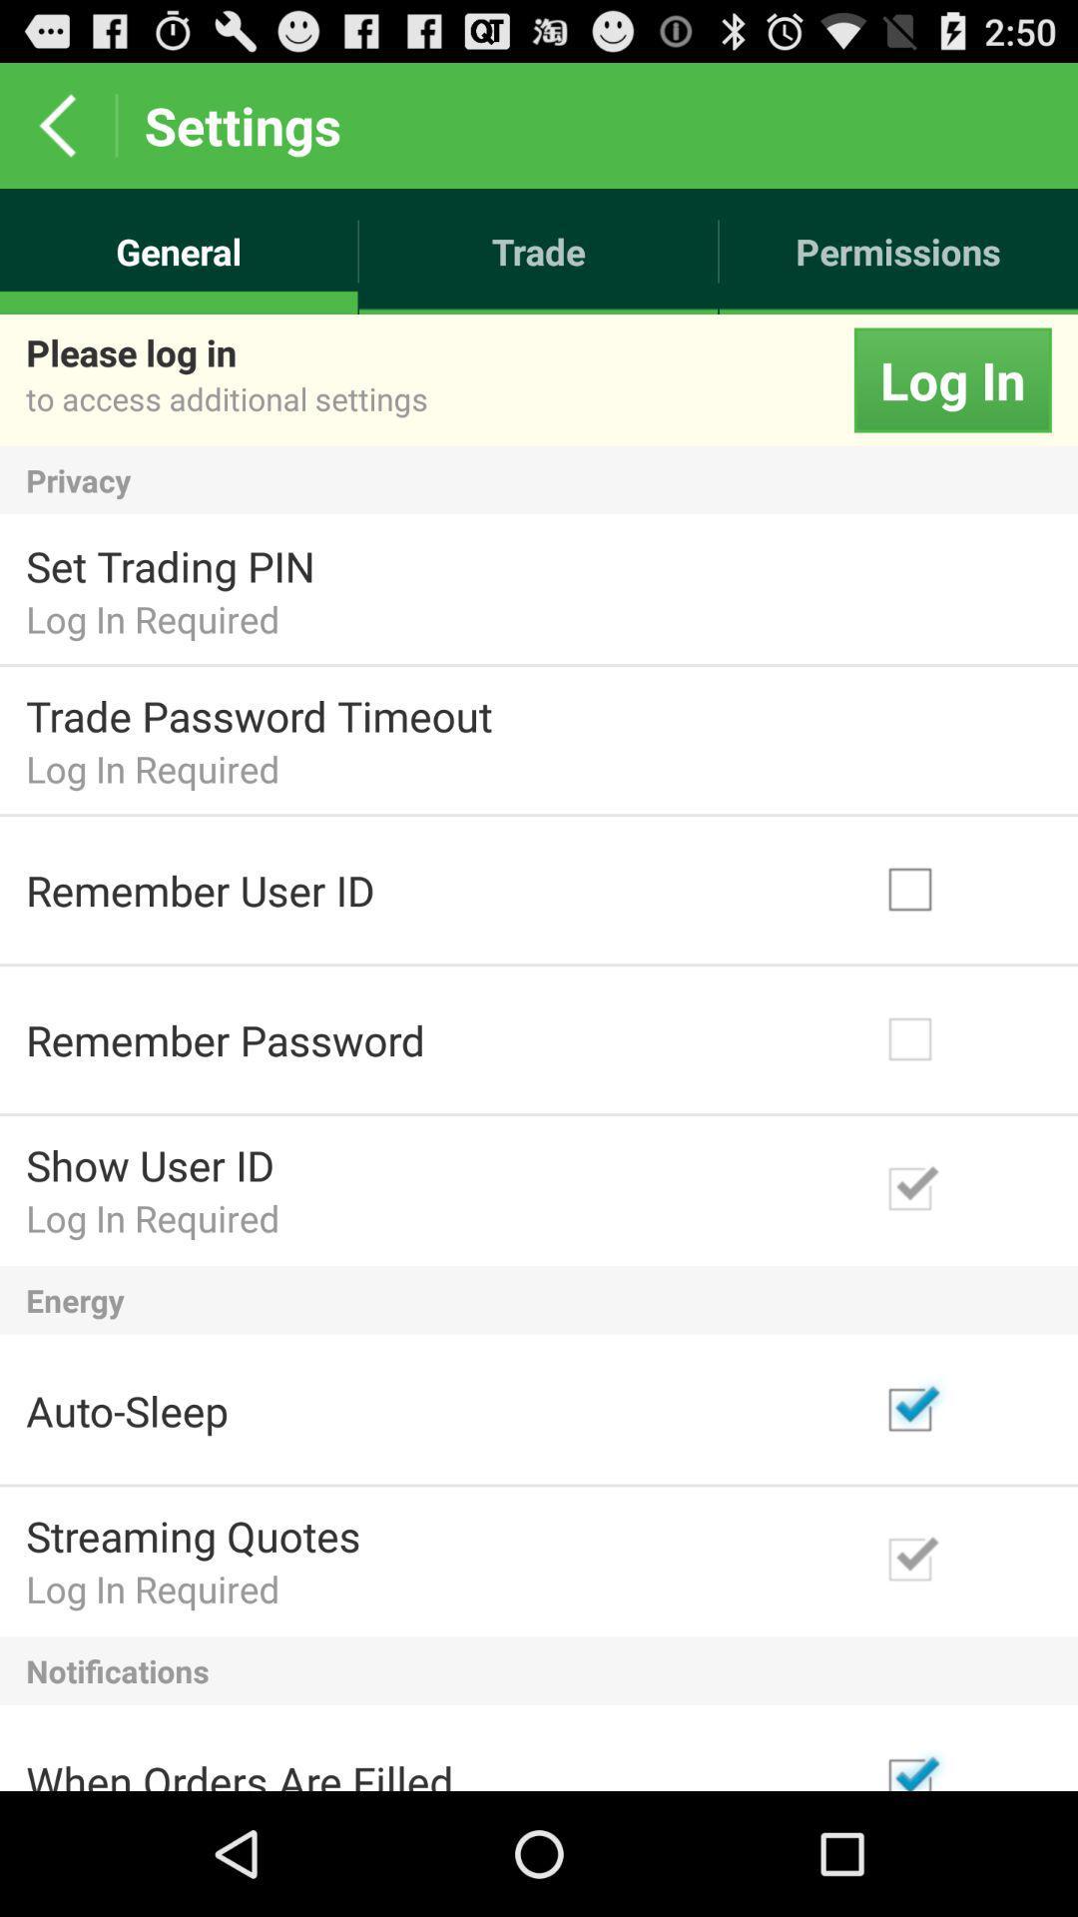 The height and width of the screenshot is (1917, 1078). Describe the element at coordinates (539, 480) in the screenshot. I see `app above set trading pin` at that location.